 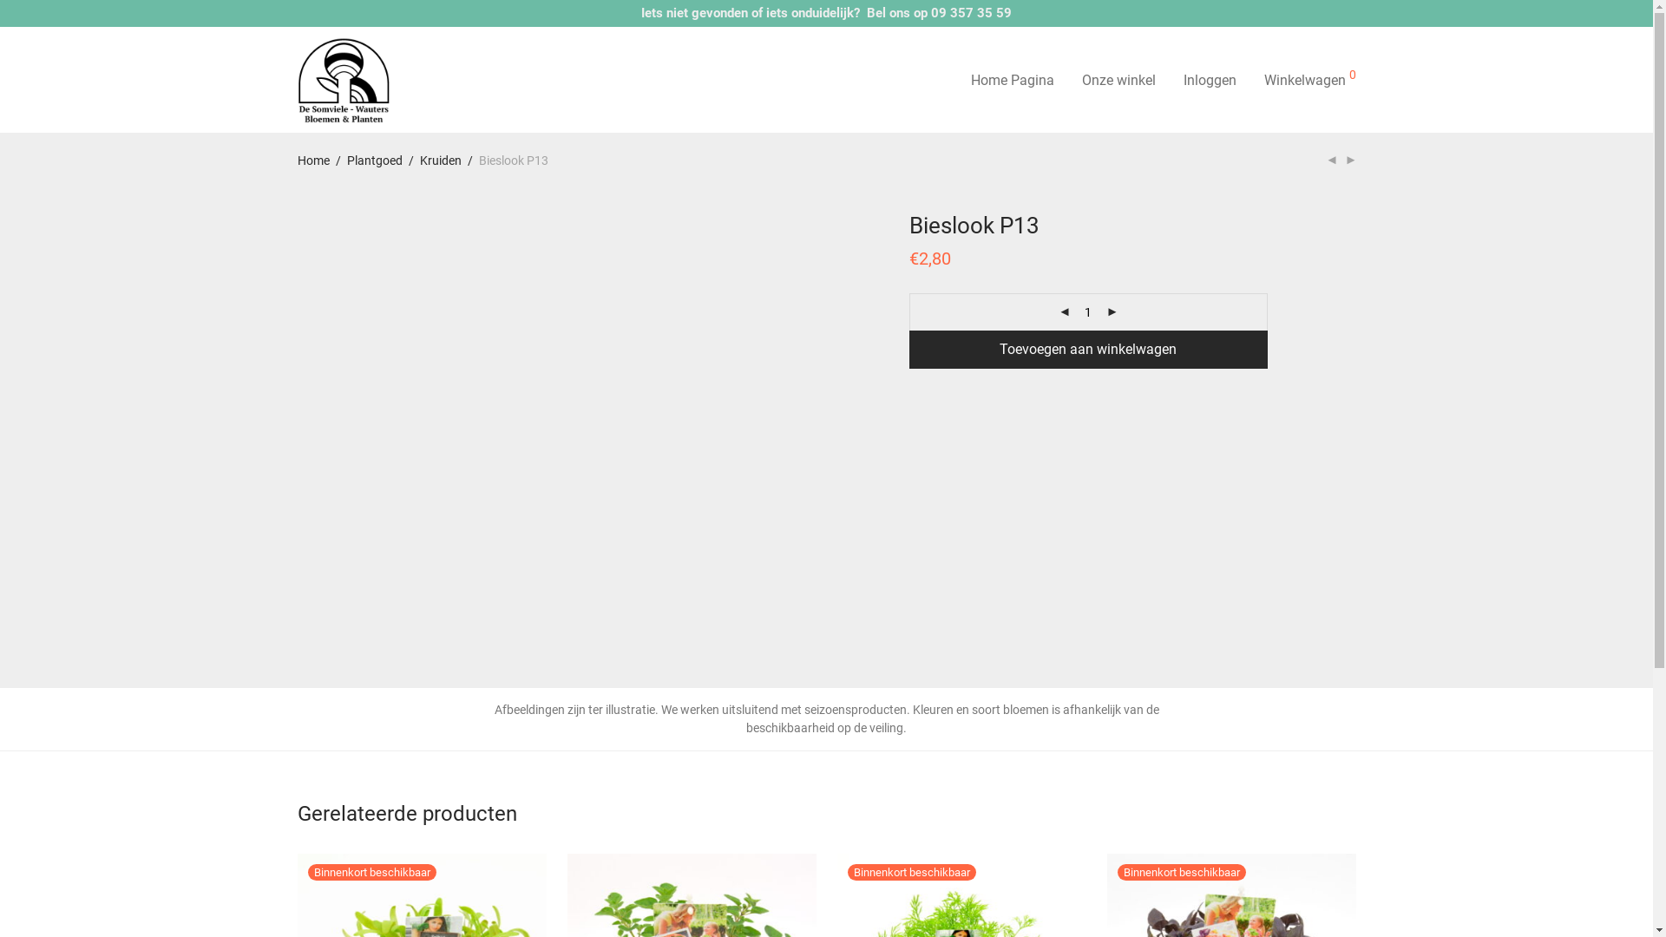 I want to click on 'Winkelwagen 0', so click(x=1309, y=80).